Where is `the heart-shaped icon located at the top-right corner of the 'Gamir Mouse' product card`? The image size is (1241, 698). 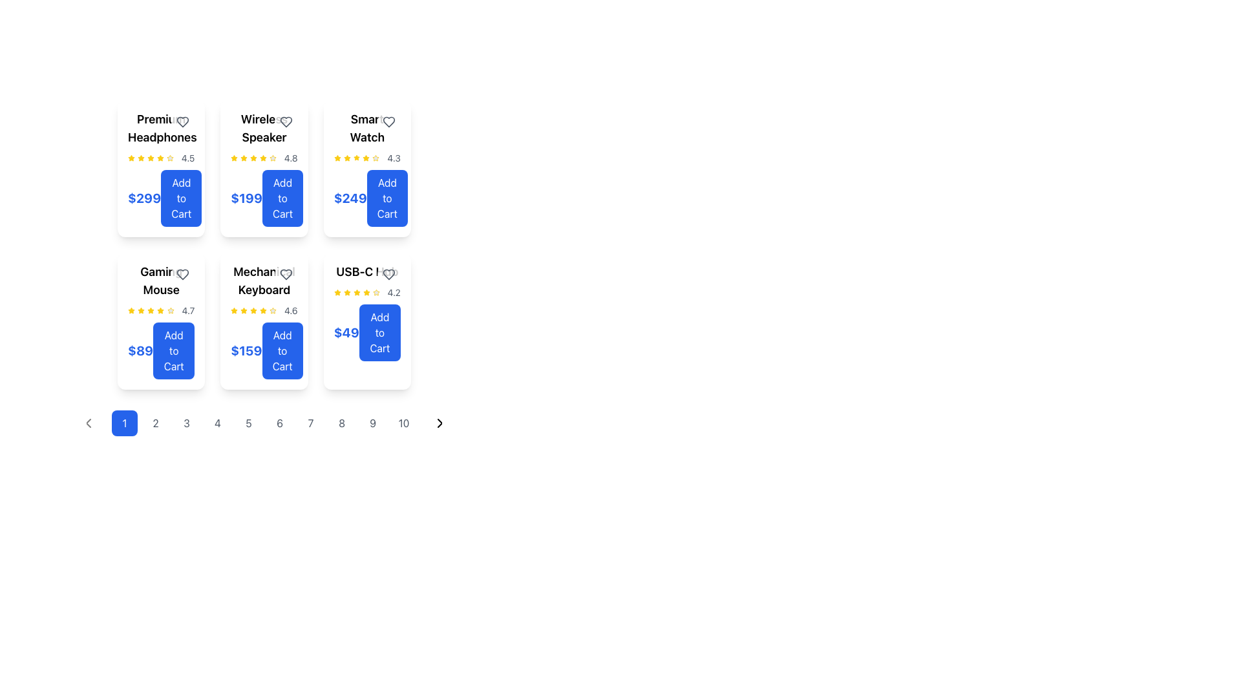
the heart-shaped icon located at the top-right corner of the 'Gamir Mouse' product card is located at coordinates (182, 273).